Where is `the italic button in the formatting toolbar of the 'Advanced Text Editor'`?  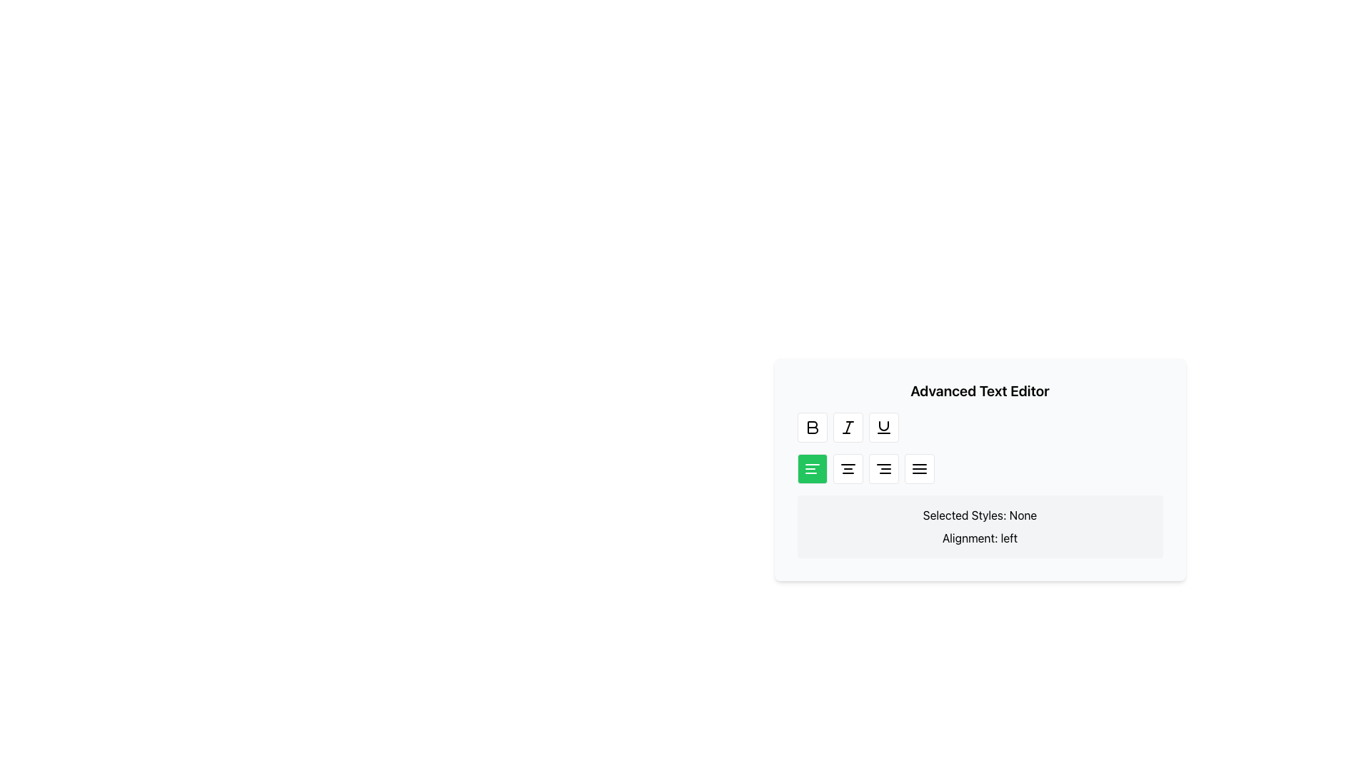
the italic button in the formatting toolbar of the 'Advanced Text Editor' is located at coordinates (848, 426).